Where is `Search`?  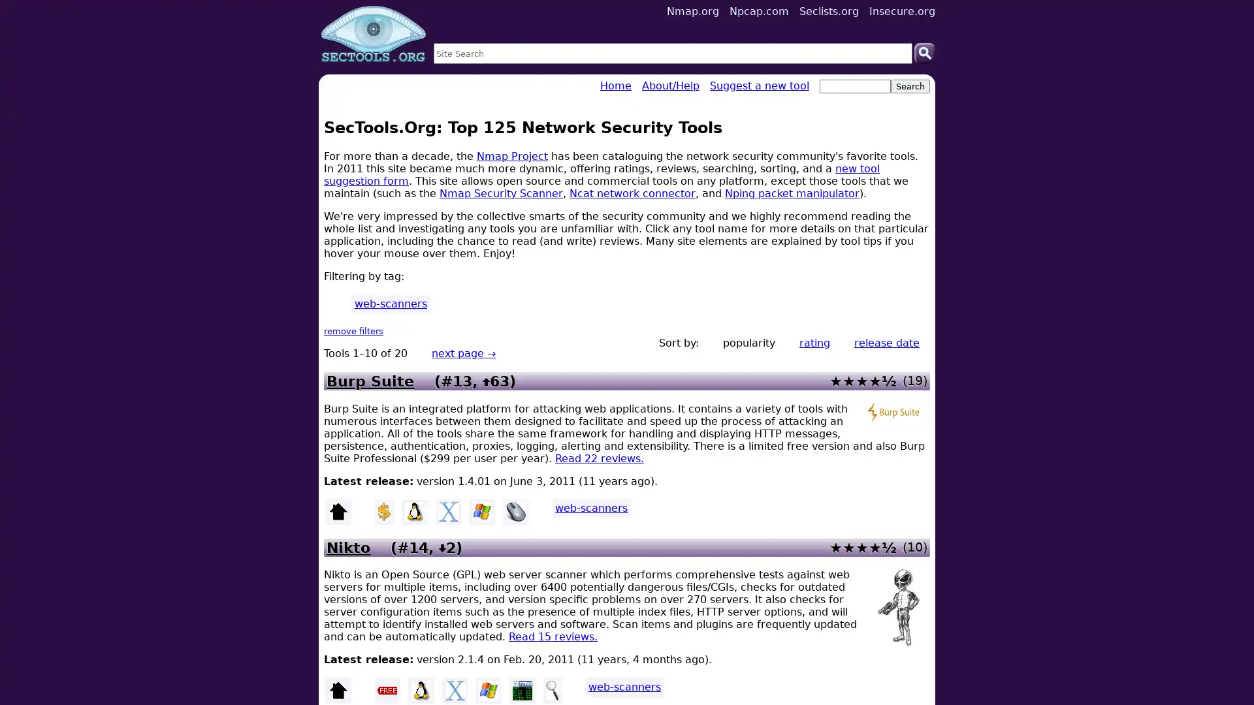 Search is located at coordinates (909, 86).